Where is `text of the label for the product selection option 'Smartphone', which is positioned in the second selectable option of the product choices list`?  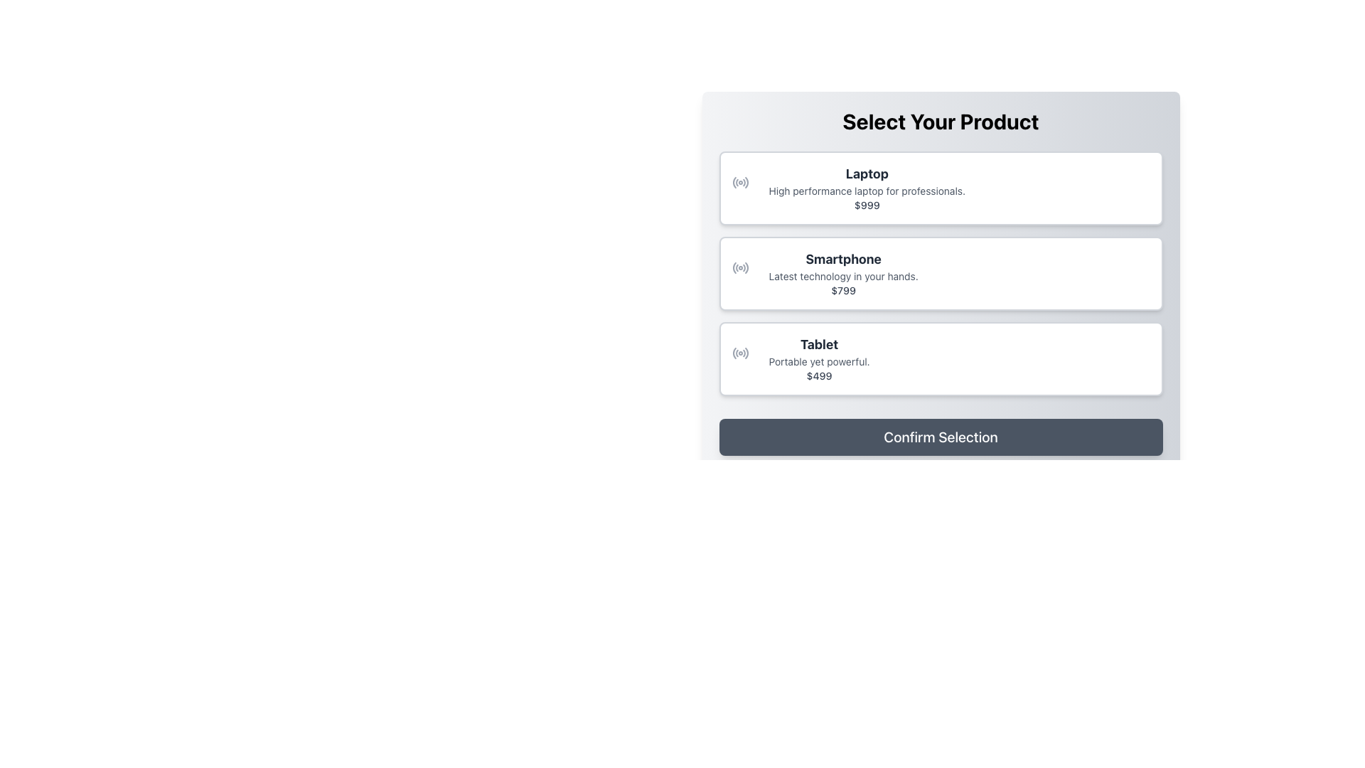 text of the label for the product selection option 'Smartphone', which is positioned in the second selectable option of the product choices list is located at coordinates (843, 260).